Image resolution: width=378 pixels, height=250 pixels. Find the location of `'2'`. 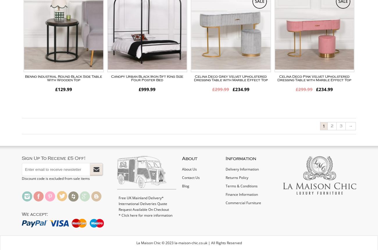

'2' is located at coordinates (332, 126).